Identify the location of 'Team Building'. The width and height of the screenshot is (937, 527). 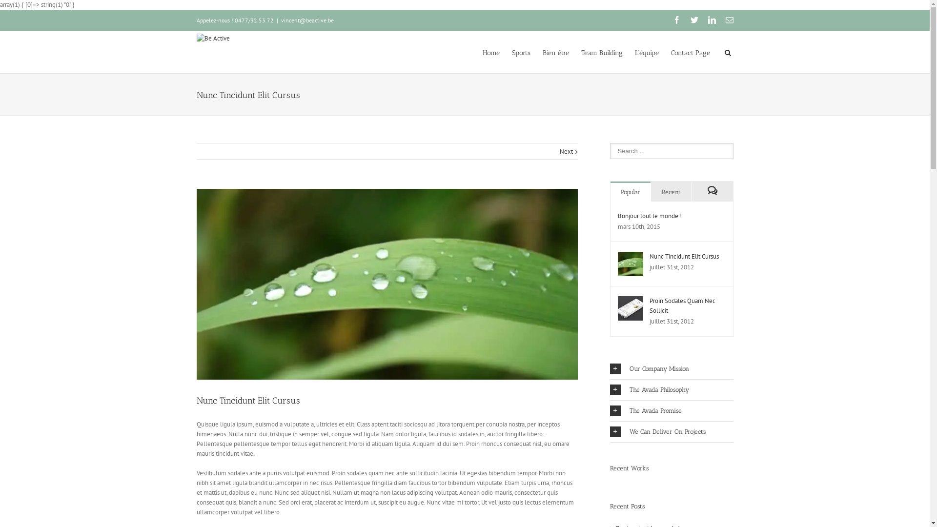
(601, 52).